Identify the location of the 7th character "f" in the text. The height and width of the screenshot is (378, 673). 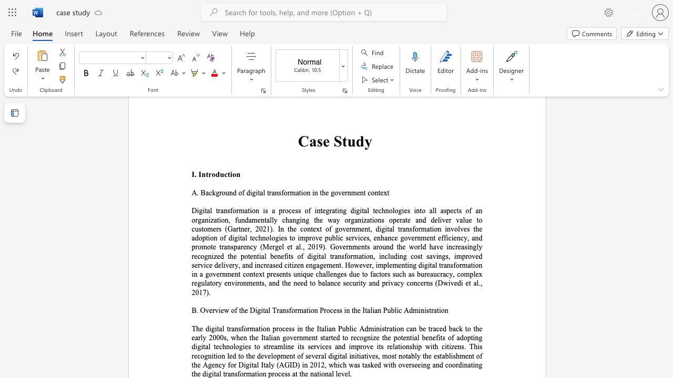
(238, 373).